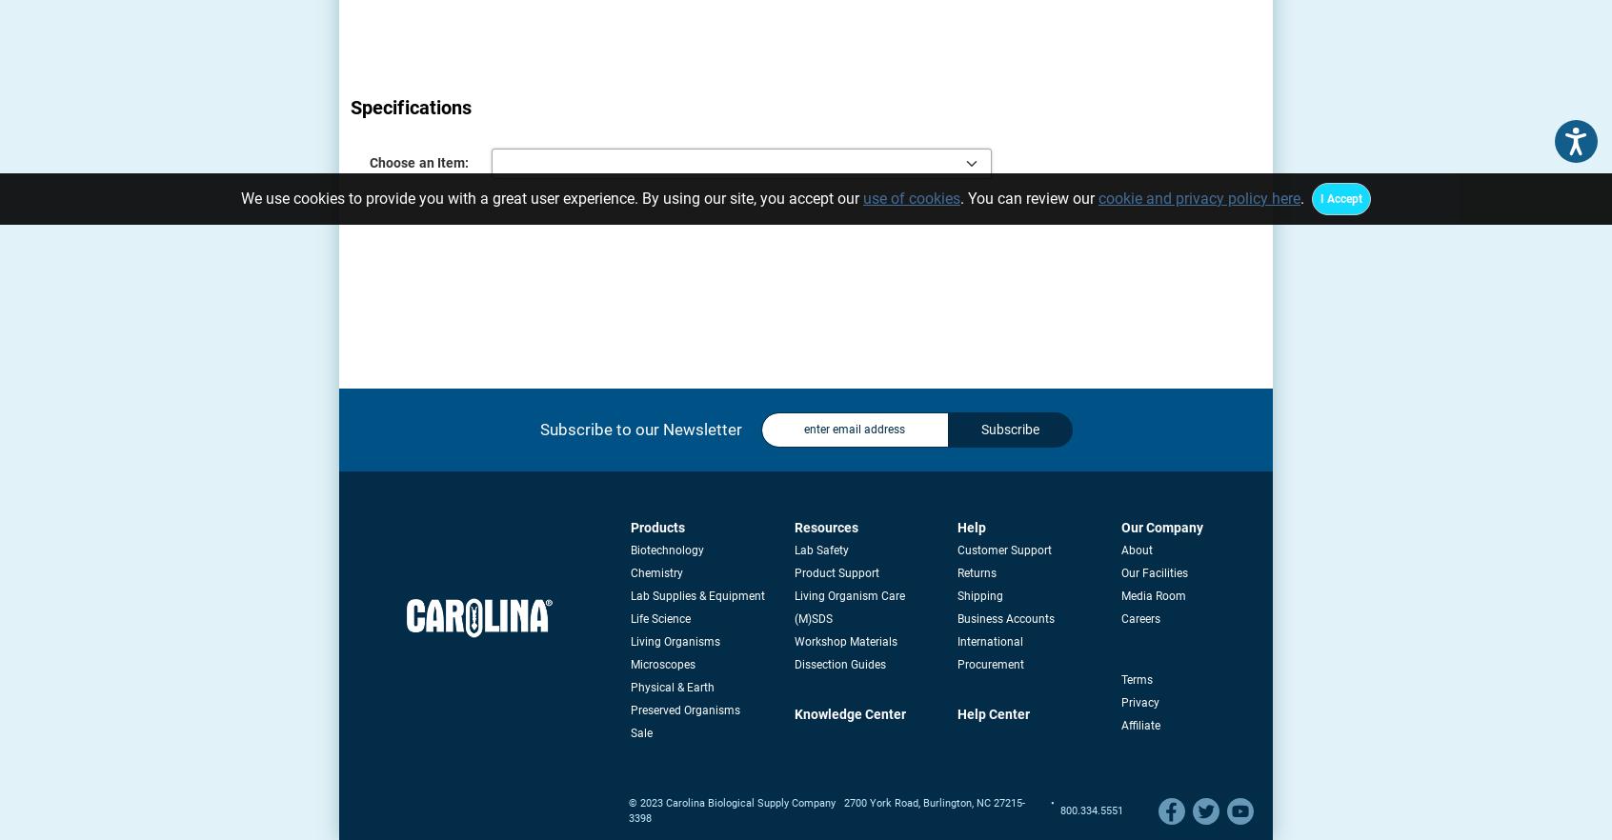  Describe the element at coordinates (976, 571) in the screenshot. I see `'Returns'` at that location.